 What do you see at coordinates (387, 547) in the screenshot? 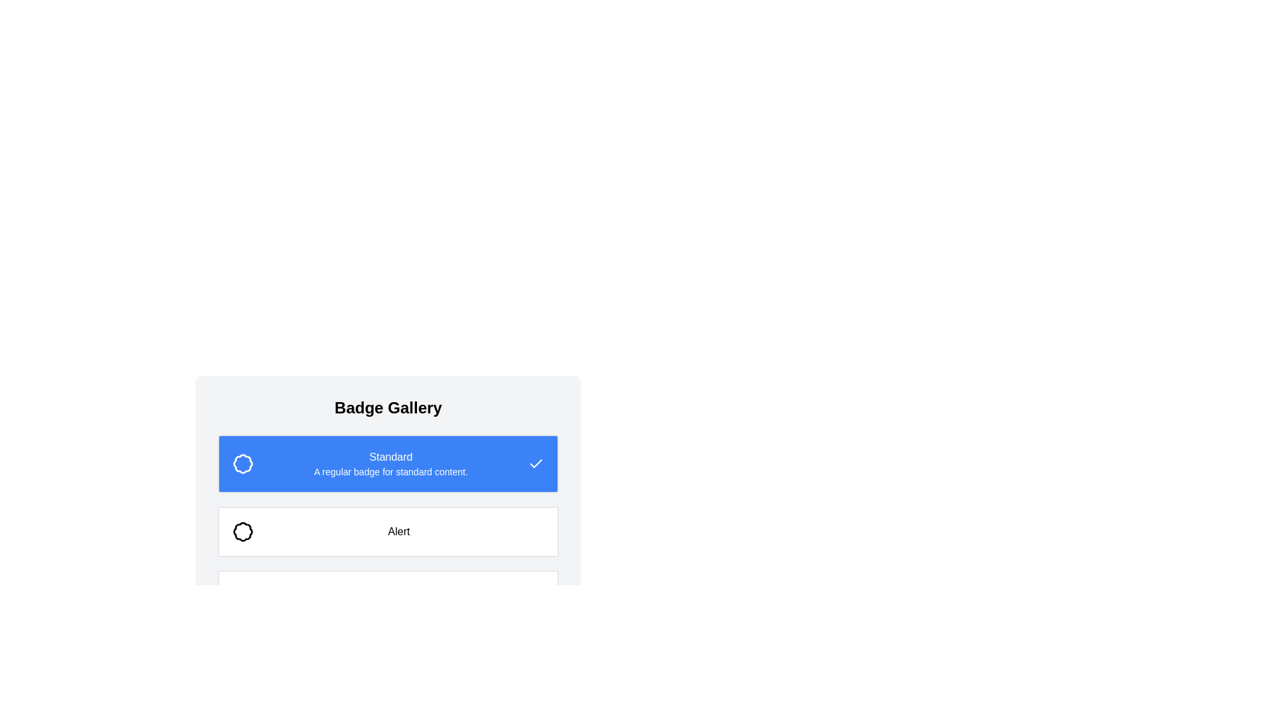
I see `the 'Alert' badge in the Informational Section, which is positioned below the 'Standard' section and above the 'Success' section in the Badge Gallery` at bounding box center [387, 547].